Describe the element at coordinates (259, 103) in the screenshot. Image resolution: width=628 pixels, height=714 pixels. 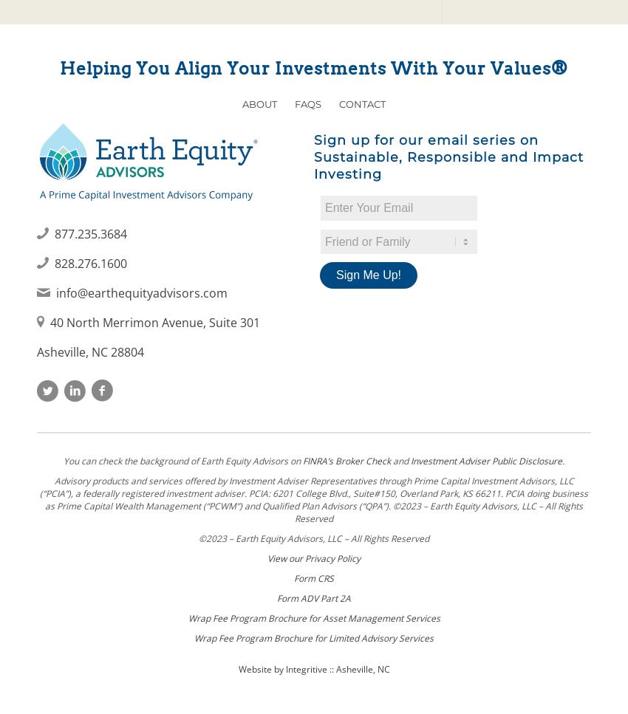
I see `'About'` at that location.